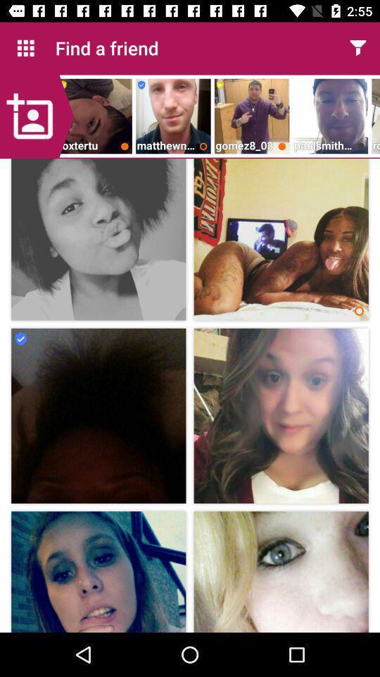 Image resolution: width=380 pixels, height=677 pixels. I want to click on profile, so click(37, 116).